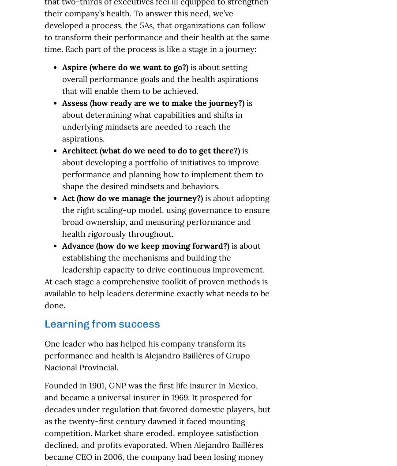 The width and height of the screenshot is (397, 466). Describe the element at coordinates (153, 102) in the screenshot. I see `'Assess (how ready are we to make the journey?)'` at that location.